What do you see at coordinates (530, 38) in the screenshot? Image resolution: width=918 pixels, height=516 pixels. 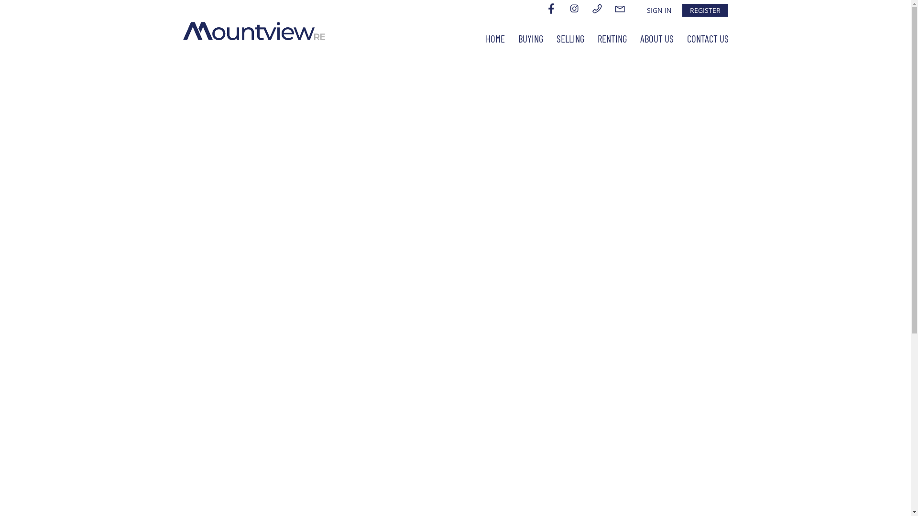 I see `'BUYING'` at bounding box center [530, 38].